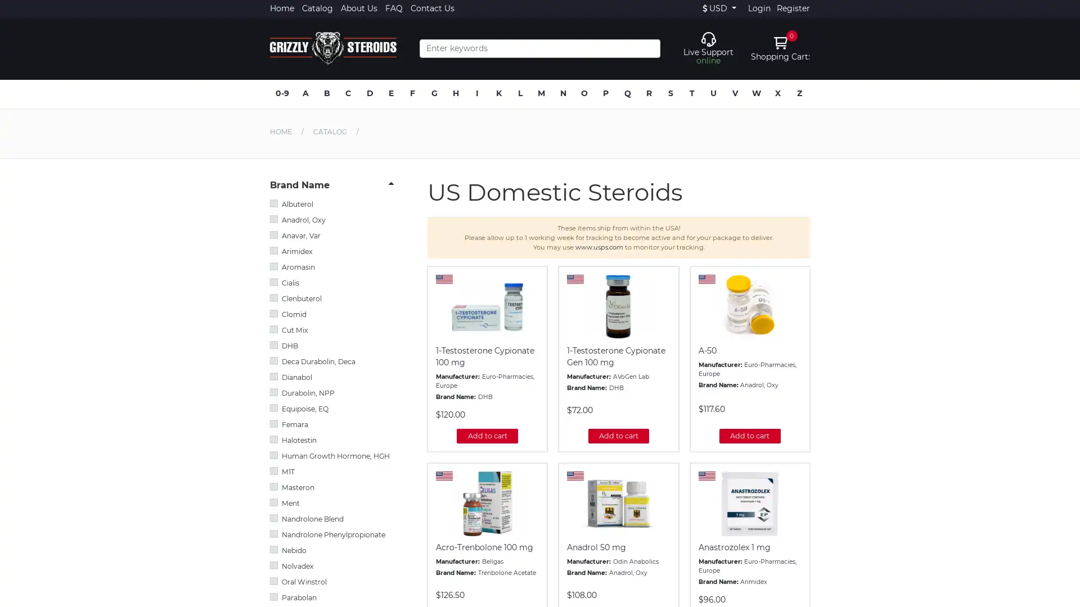  Describe the element at coordinates (487, 435) in the screenshot. I see `Add to cart` at that location.